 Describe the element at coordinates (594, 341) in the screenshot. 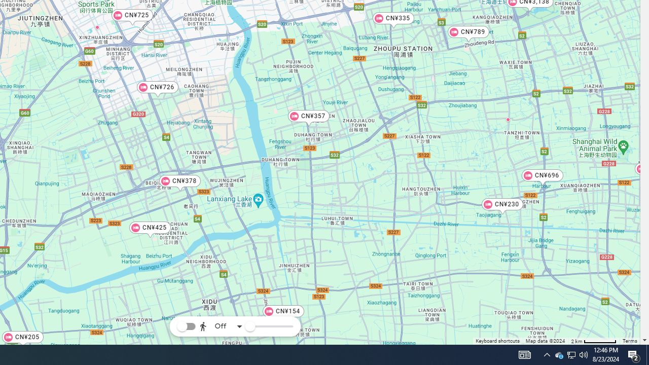

I see `'Map Scale: 2 km per 61 pixels'` at that location.